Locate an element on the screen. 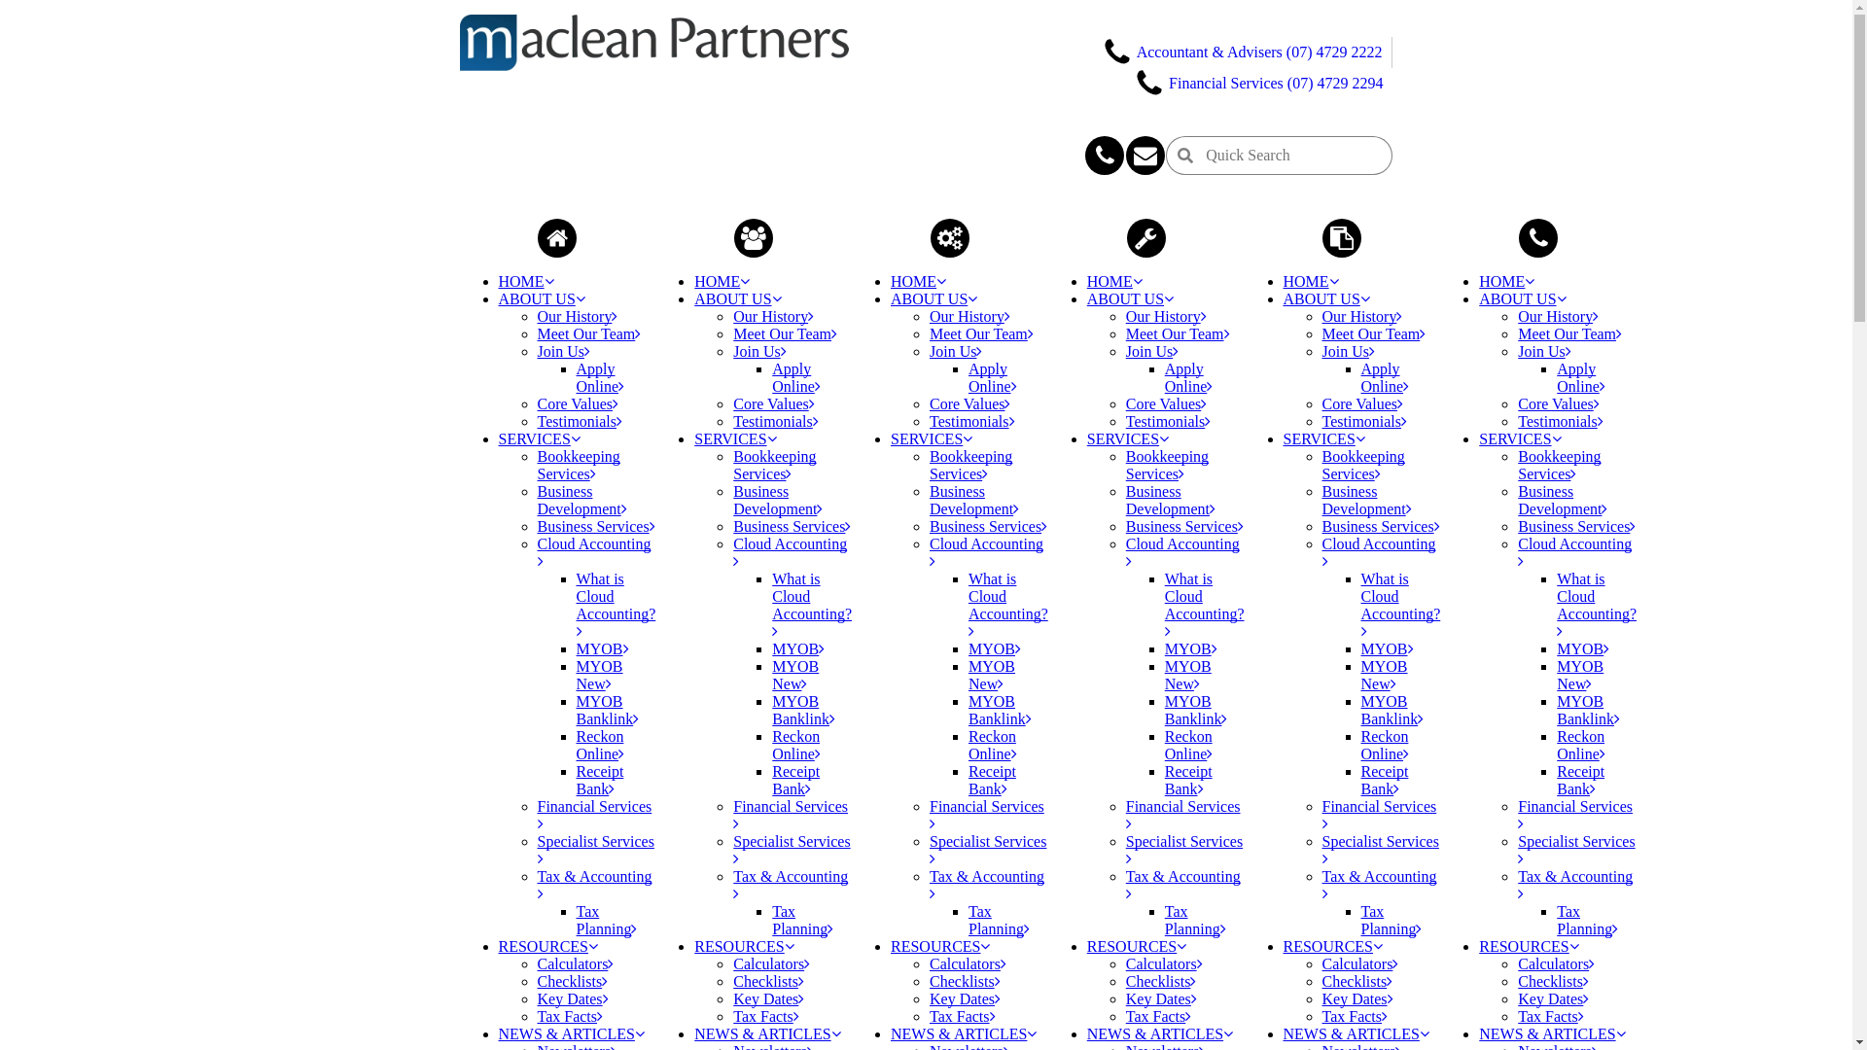 Image resolution: width=1867 pixels, height=1050 pixels. 'Specialist Services' is located at coordinates (1516, 849).